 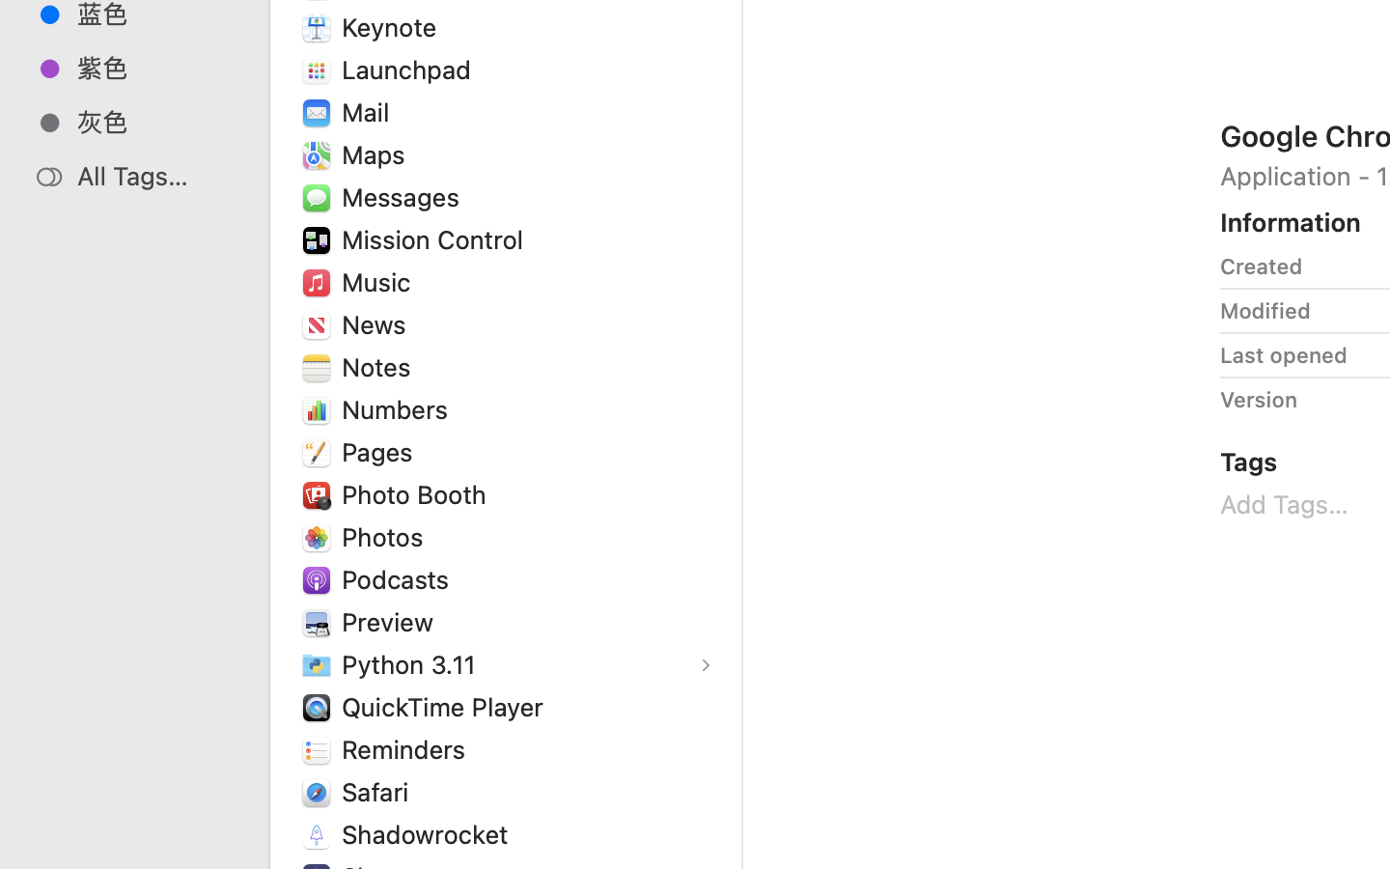 I want to click on 'Podcasts', so click(x=398, y=579).